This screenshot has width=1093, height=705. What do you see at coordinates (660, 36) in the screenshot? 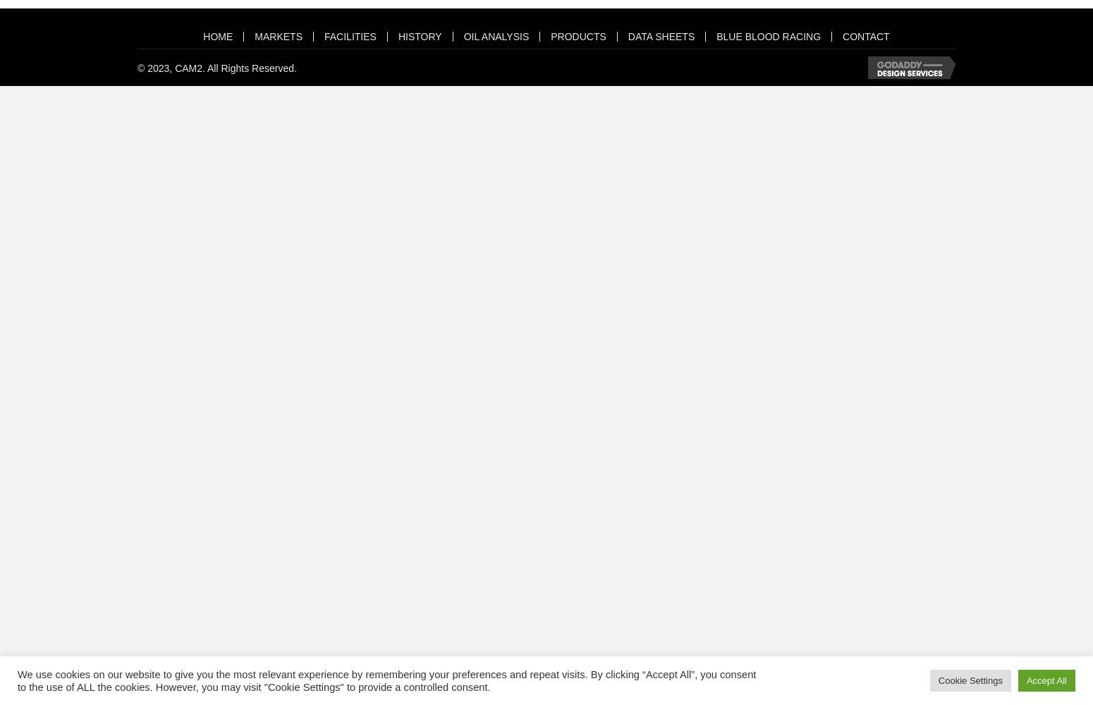
I see `'DATA SHEETS'` at bounding box center [660, 36].